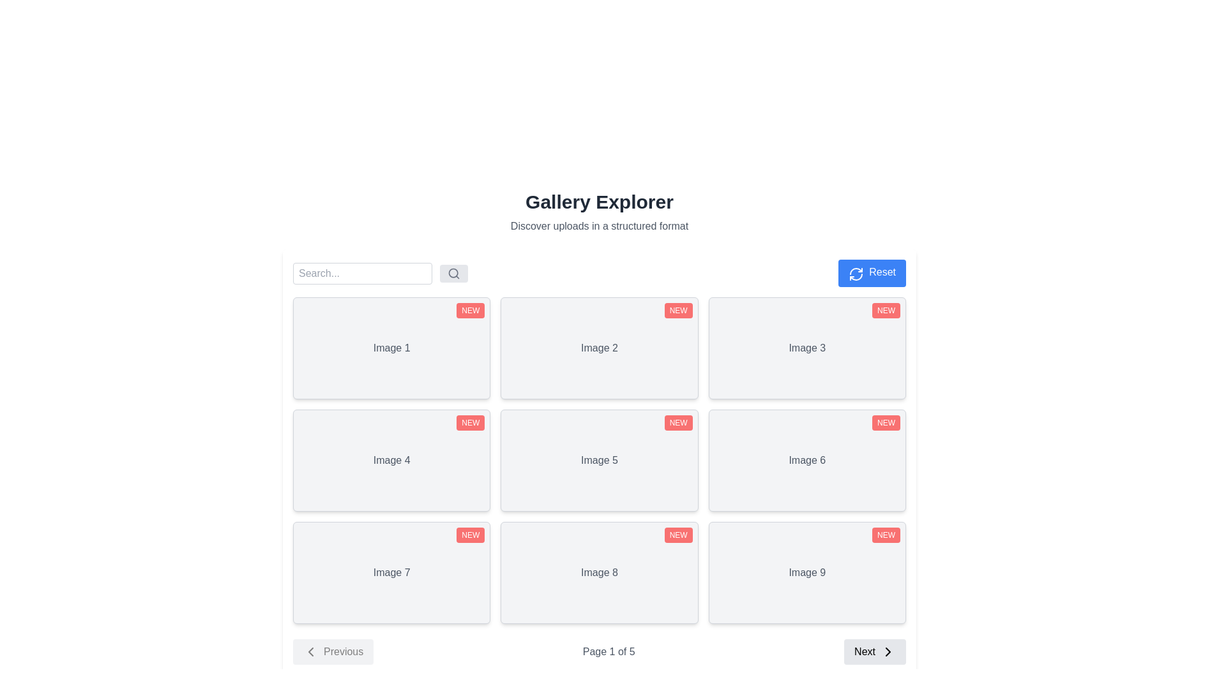  Describe the element at coordinates (806, 348) in the screenshot. I see `the text label displaying 'Image 3', which is centrally positioned in the third tile of the first row in a gallery interface` at that location.